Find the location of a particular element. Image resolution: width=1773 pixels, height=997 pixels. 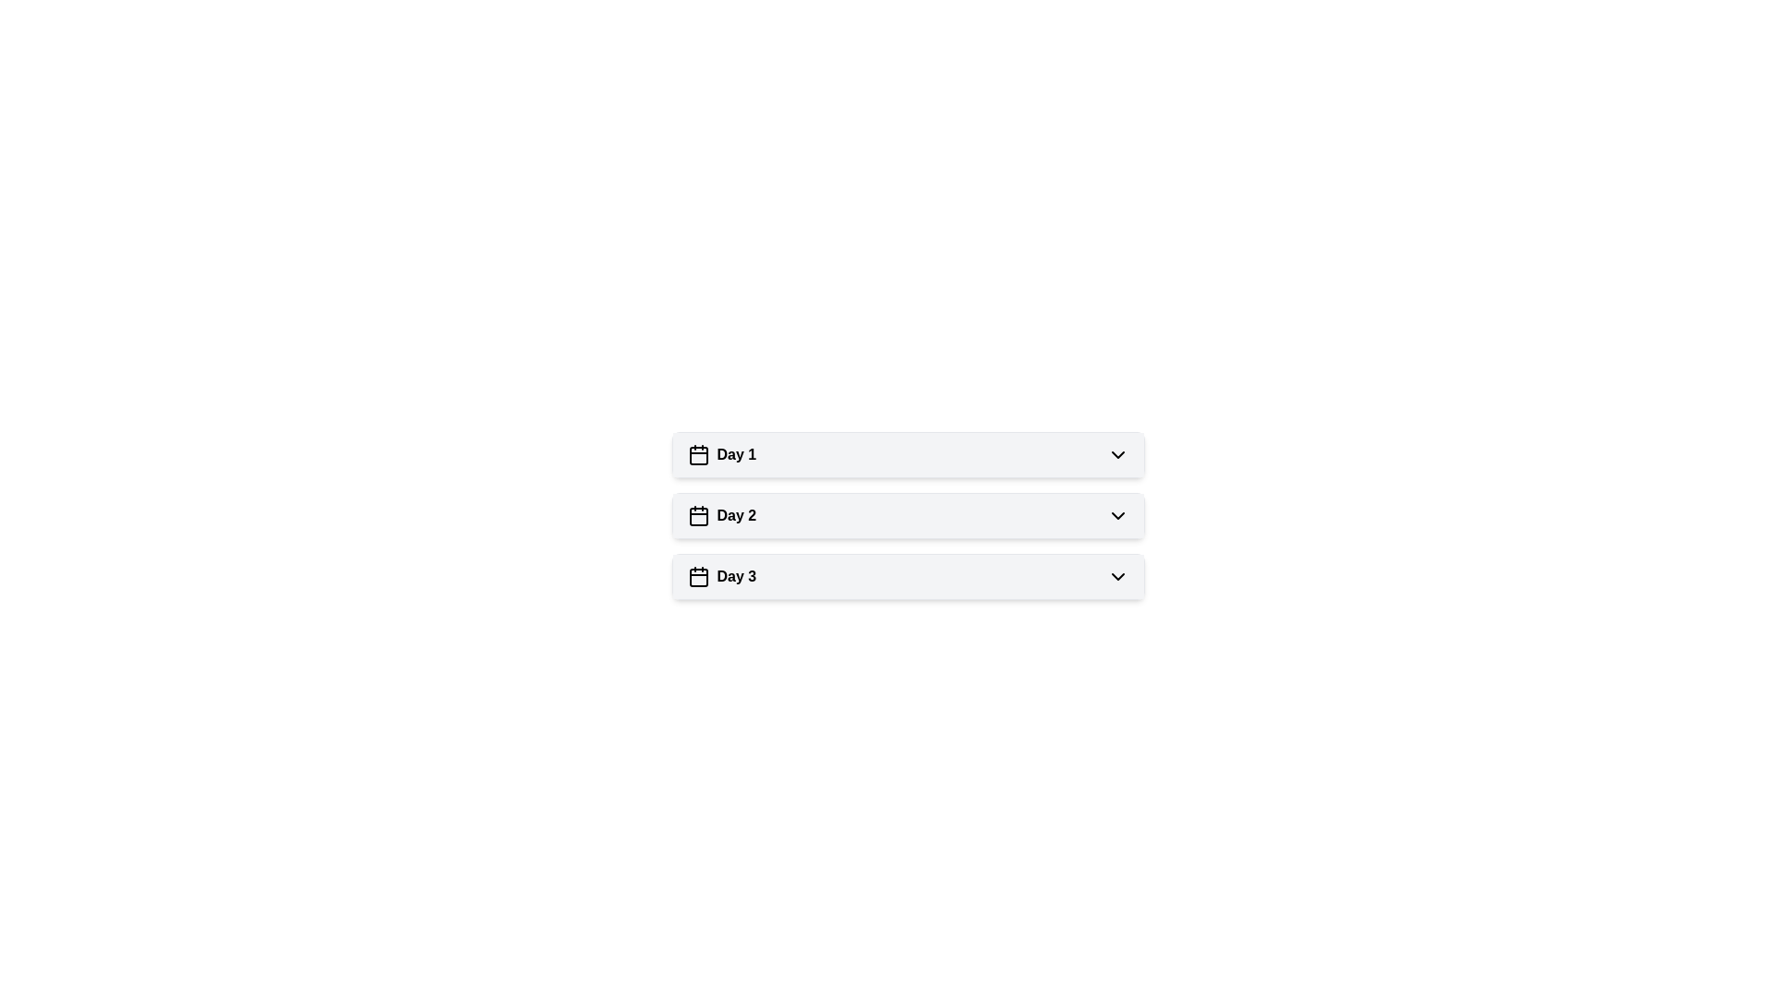

the calendar icon associated with the label 'Day 1', which is positioned to the left of the text in the first item of a vertical list is located at coordinates (697, 455).